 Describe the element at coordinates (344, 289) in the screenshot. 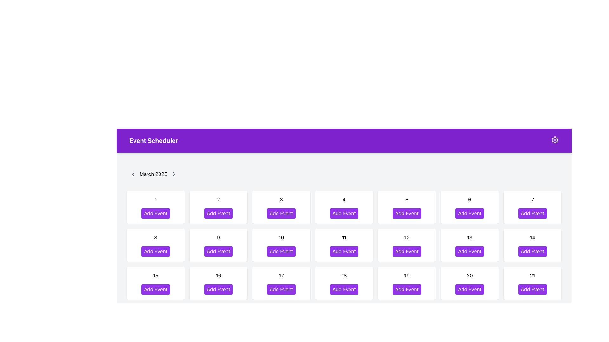

I see `the 'Add Event' button with a purple background and white text located in the card for date '18' in the calendar layout` at that location.